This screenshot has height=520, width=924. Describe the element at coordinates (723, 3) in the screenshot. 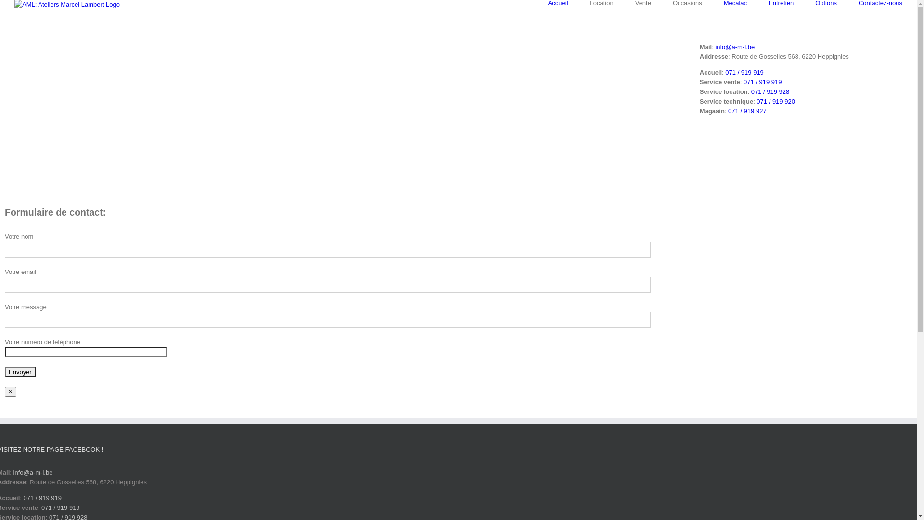

I see `'Mecalac'` at that location.